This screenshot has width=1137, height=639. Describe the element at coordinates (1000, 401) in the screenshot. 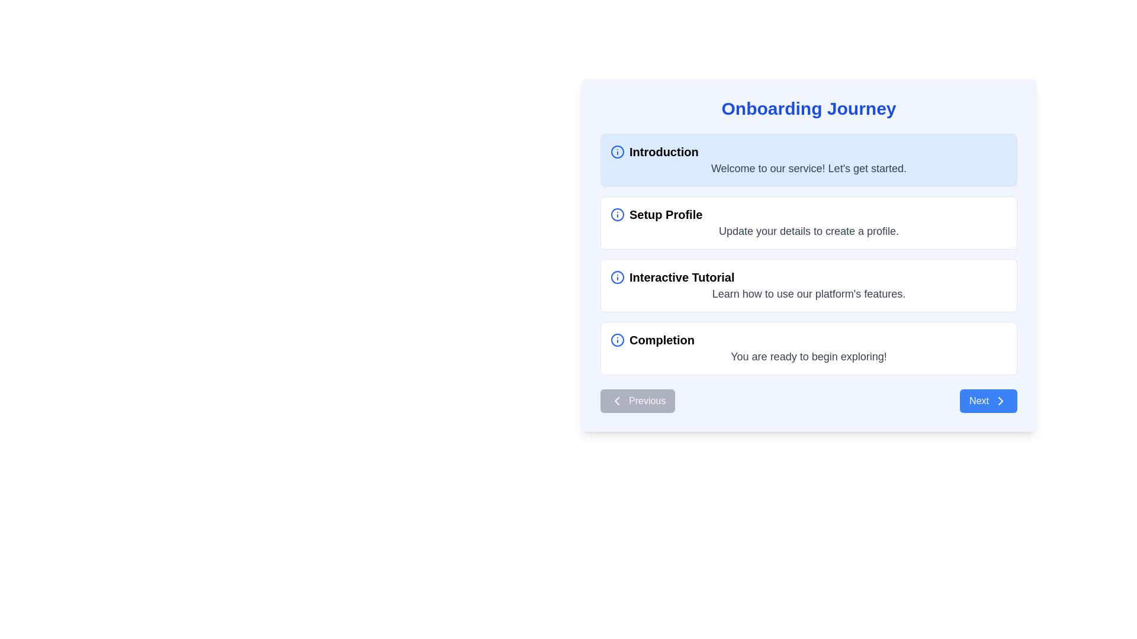

I see `the right-facing arrow icon inside the 'Next' button at the bottom-right corner of the interface, which indicates navigational functionality` at that location.